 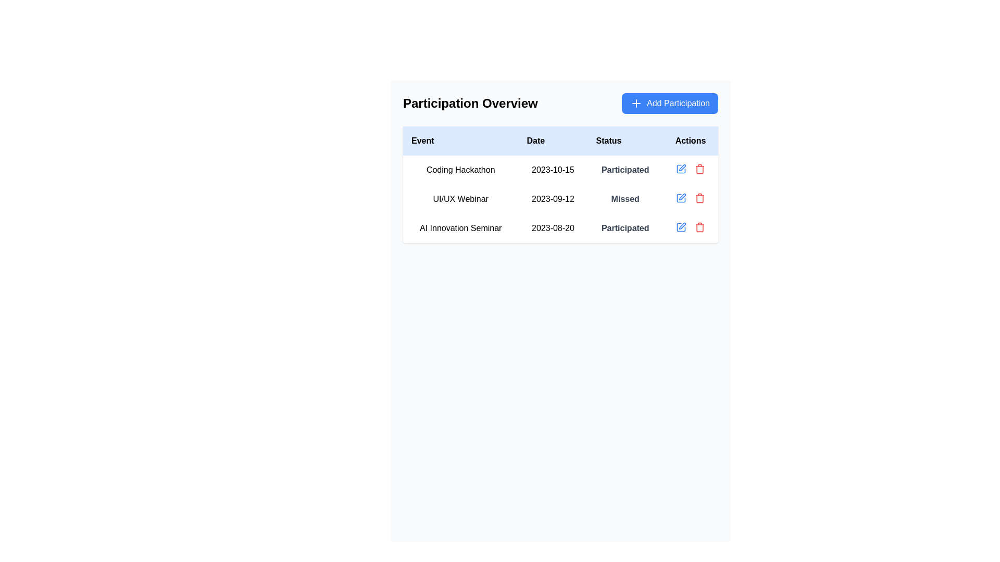 What do you see at coordinates (552, 199) in the screenshot?
I see `the text label displaying the date '2023-09-12' in the 'Date' column of the 'UI/UX Webinar' row` at bounding box center [552, 199].